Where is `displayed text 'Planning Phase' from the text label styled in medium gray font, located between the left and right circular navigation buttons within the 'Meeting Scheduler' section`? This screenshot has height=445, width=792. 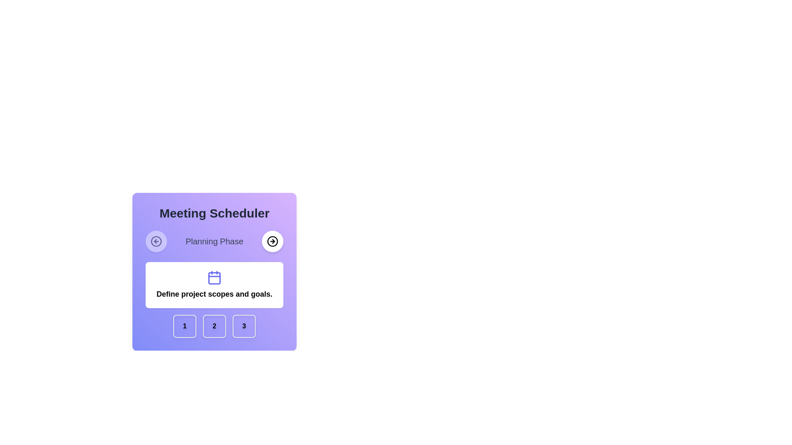 displayed text 'Planning Phase' from the text label styled in medium gray font, located between the left and right circular navigation buttons within the 'Meeting Scheduler' section is located at coordinates (214, 241).